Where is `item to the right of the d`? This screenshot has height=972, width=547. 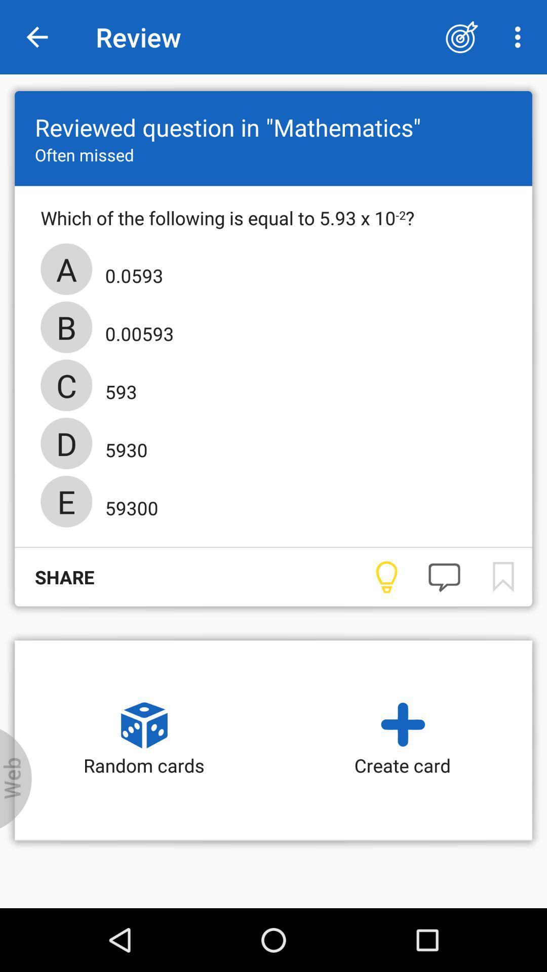
item to the right of the d is located at coordinates (123, 446).